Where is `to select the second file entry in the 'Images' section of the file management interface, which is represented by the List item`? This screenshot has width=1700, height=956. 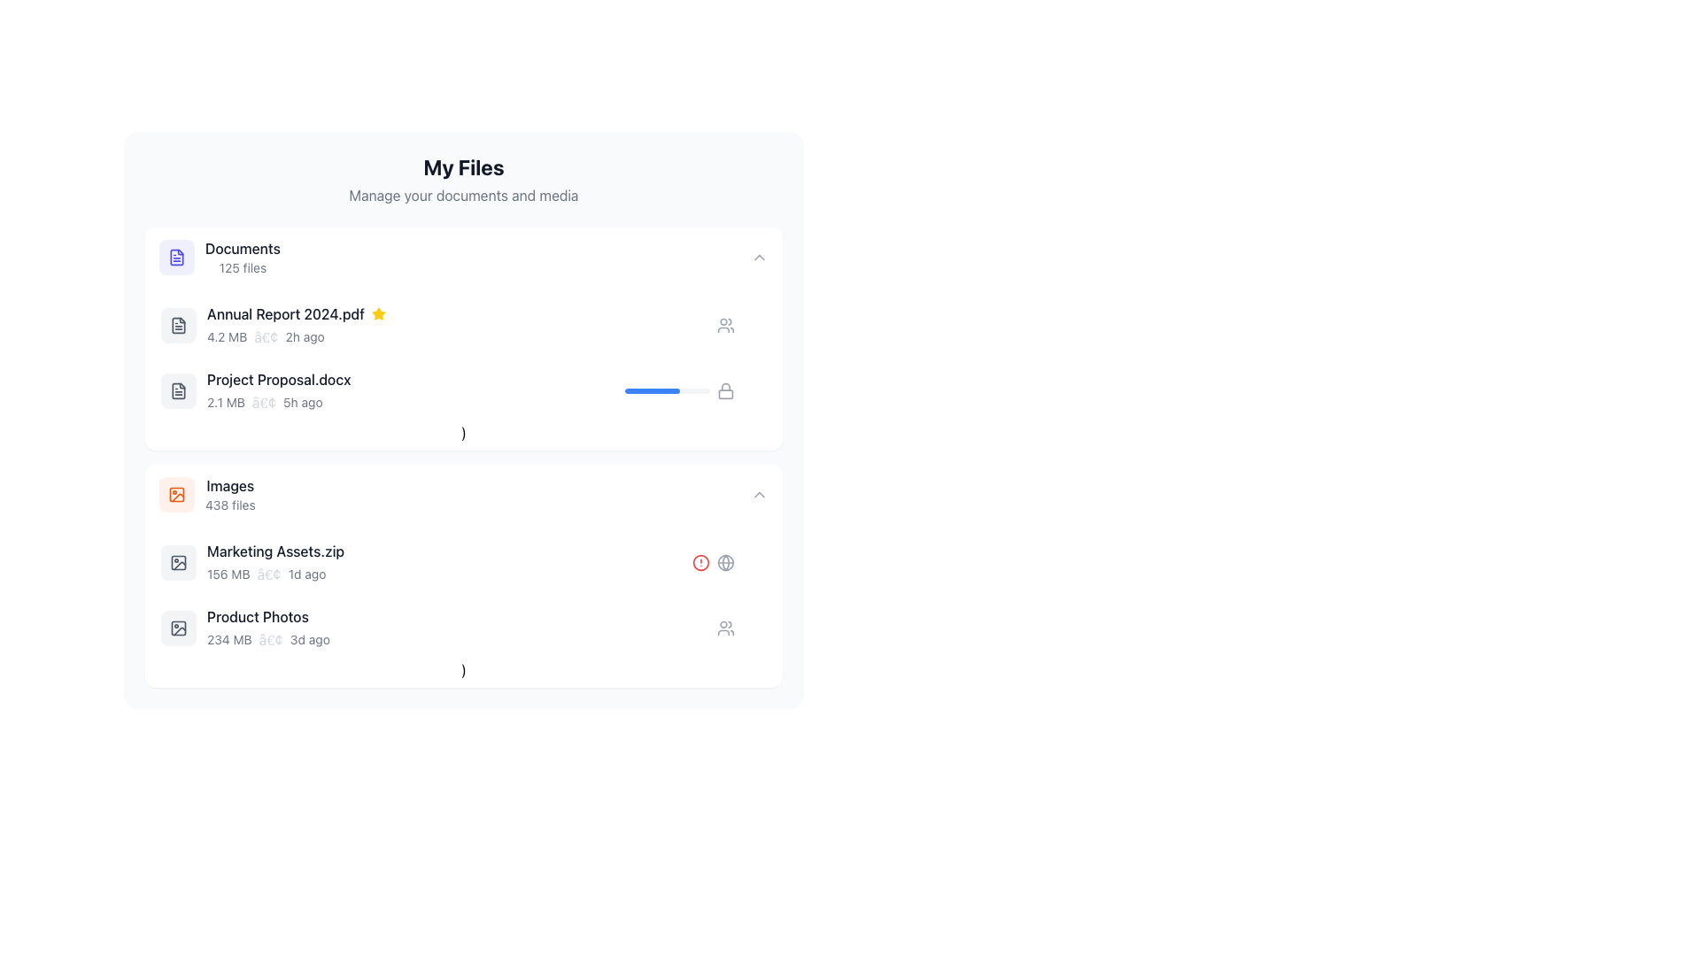
to select the second file entry in the 'Images' section of the file management interface, which is represented by the List item is located at coordinates (463, 563).